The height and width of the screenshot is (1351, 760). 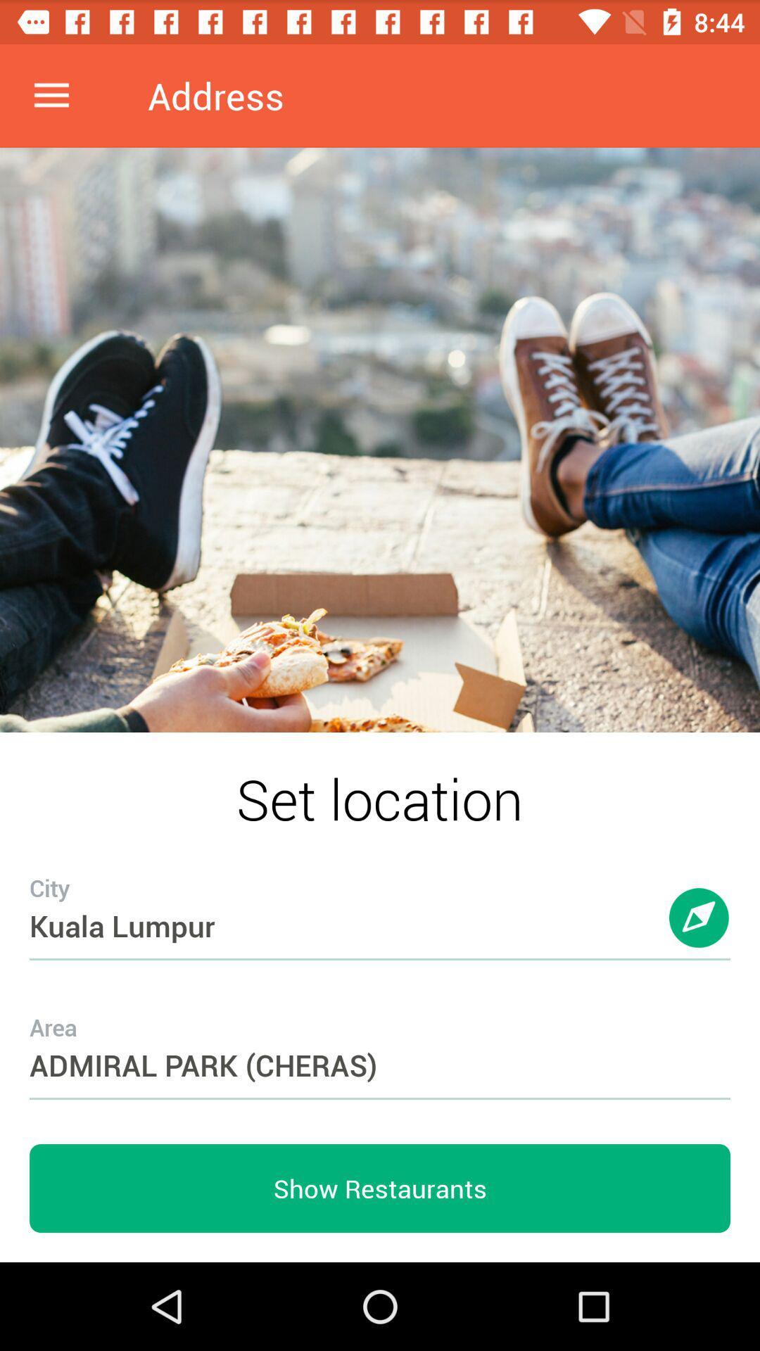 I want to click on the icon below the admiral park (cheras), so click(x=380, y=1188).